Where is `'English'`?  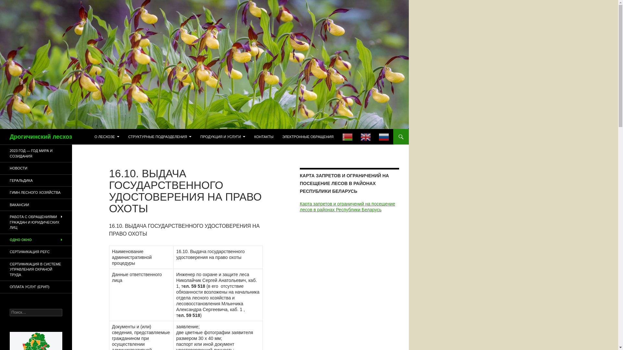 'English' is located at coordinates (366, 136).